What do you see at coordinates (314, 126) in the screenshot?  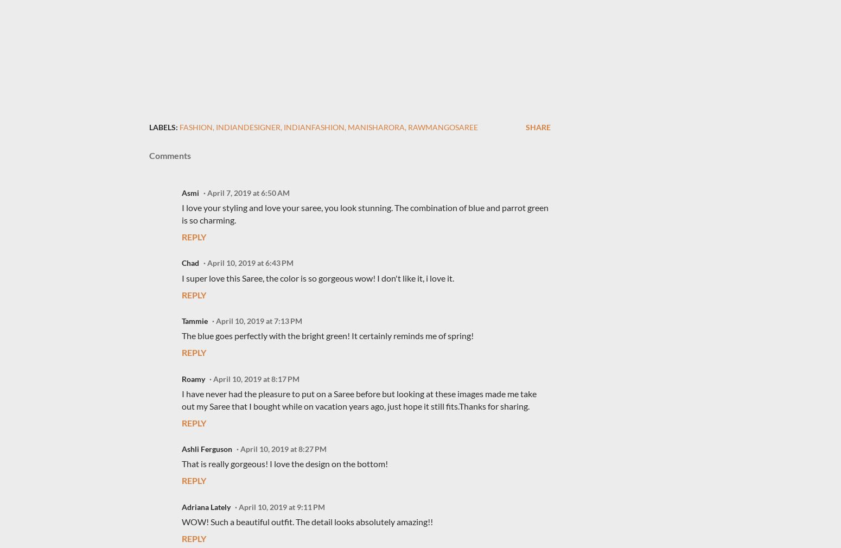 I see `'indianfashion'` at bounding box center [314, 126].